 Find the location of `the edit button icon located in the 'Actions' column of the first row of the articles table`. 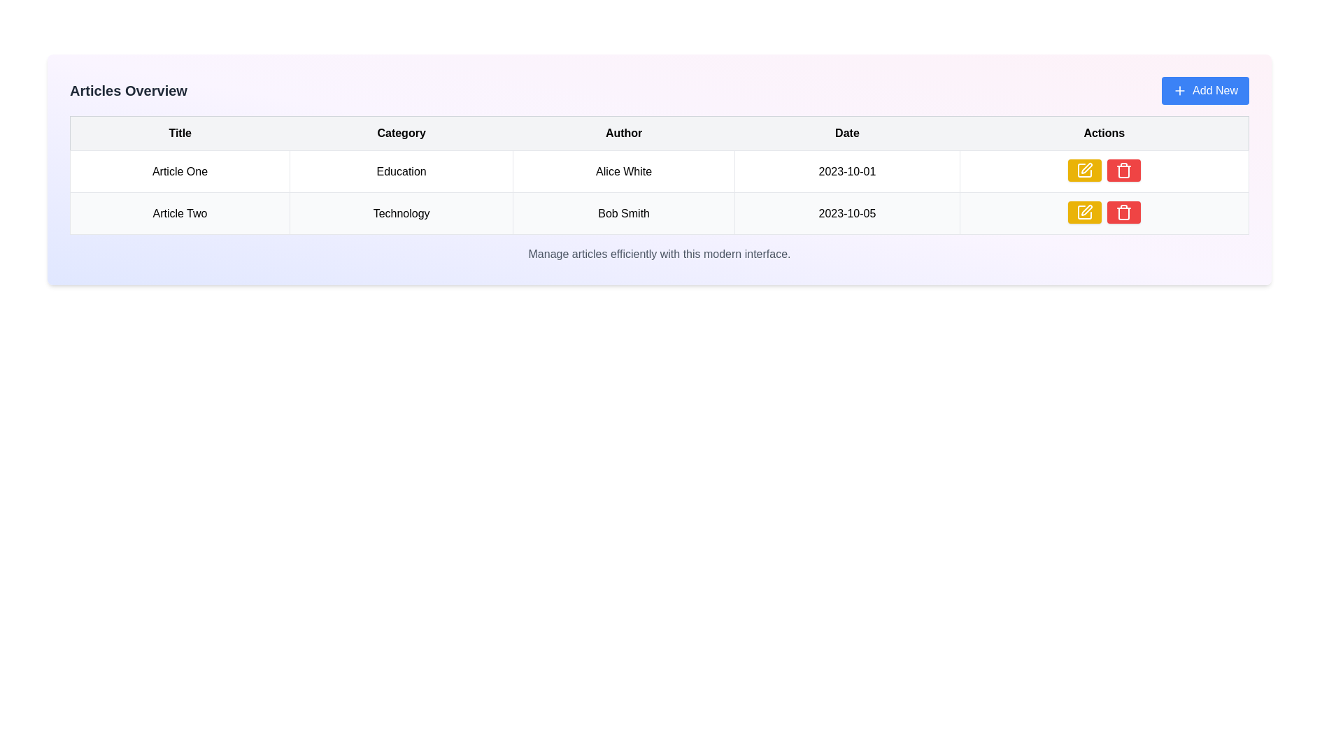

the edit button icon located in the 'Actions' column of the first row of the articles table is located at coordinates (1083, 213).